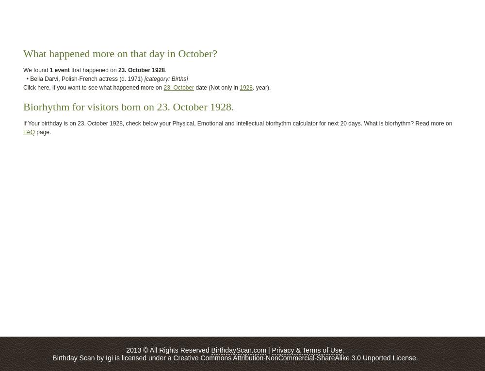 This screenshot has height=371, width=485. I want to click on 'We found', so click(36, 70).